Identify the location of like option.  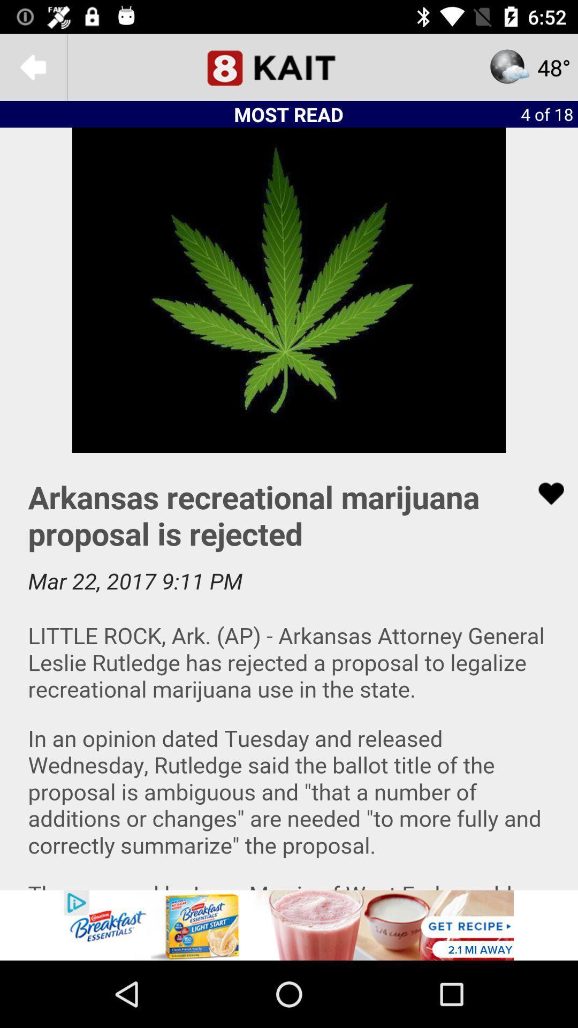
(544, 493).